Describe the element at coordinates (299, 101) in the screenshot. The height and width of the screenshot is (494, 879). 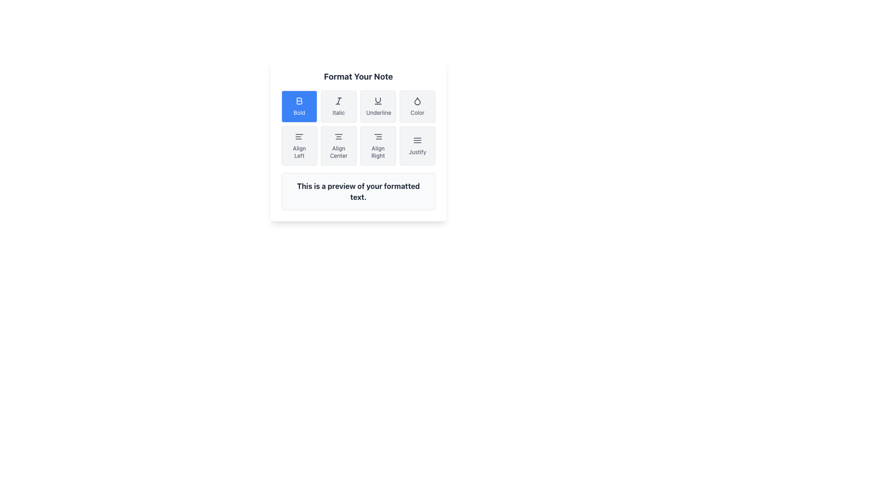
I see `the bold formatting icon located within the blue 'Bold' button at the top-left position in the 'Format Your Note' dialog` at that location.